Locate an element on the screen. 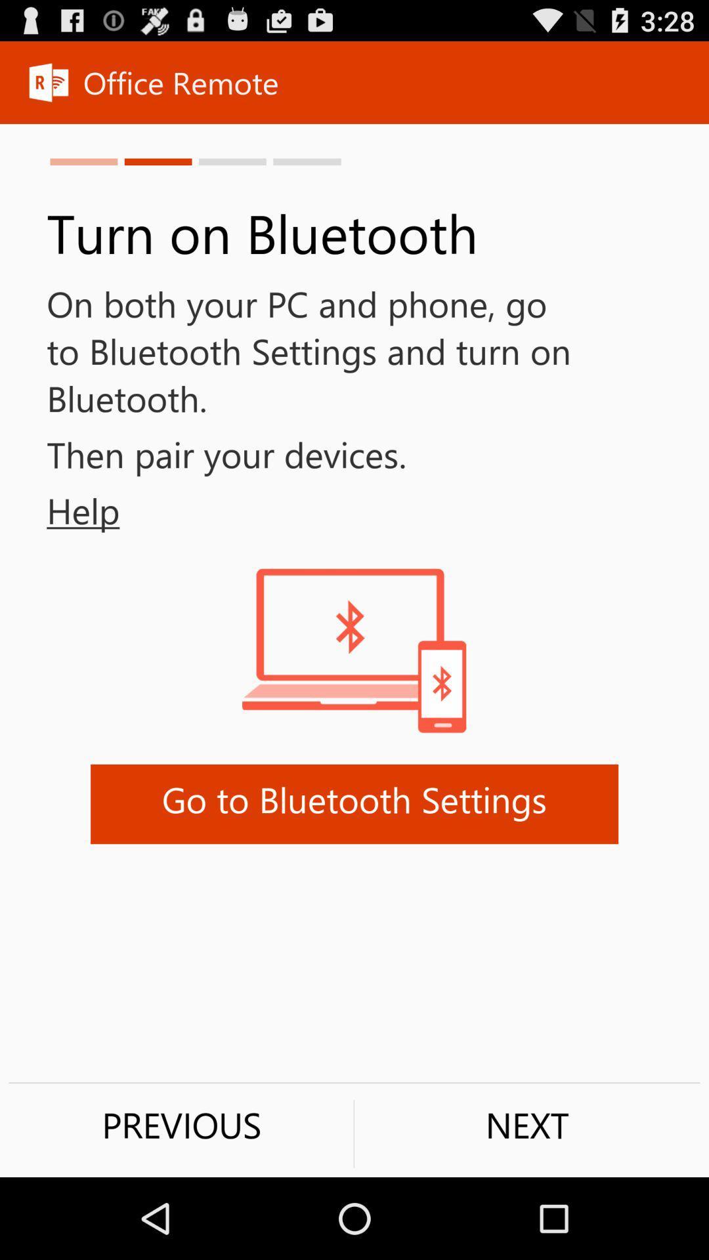 This screenshot has width=709, height=1260. the icon at the bottom right corner is located at coordinates (526, 1124).